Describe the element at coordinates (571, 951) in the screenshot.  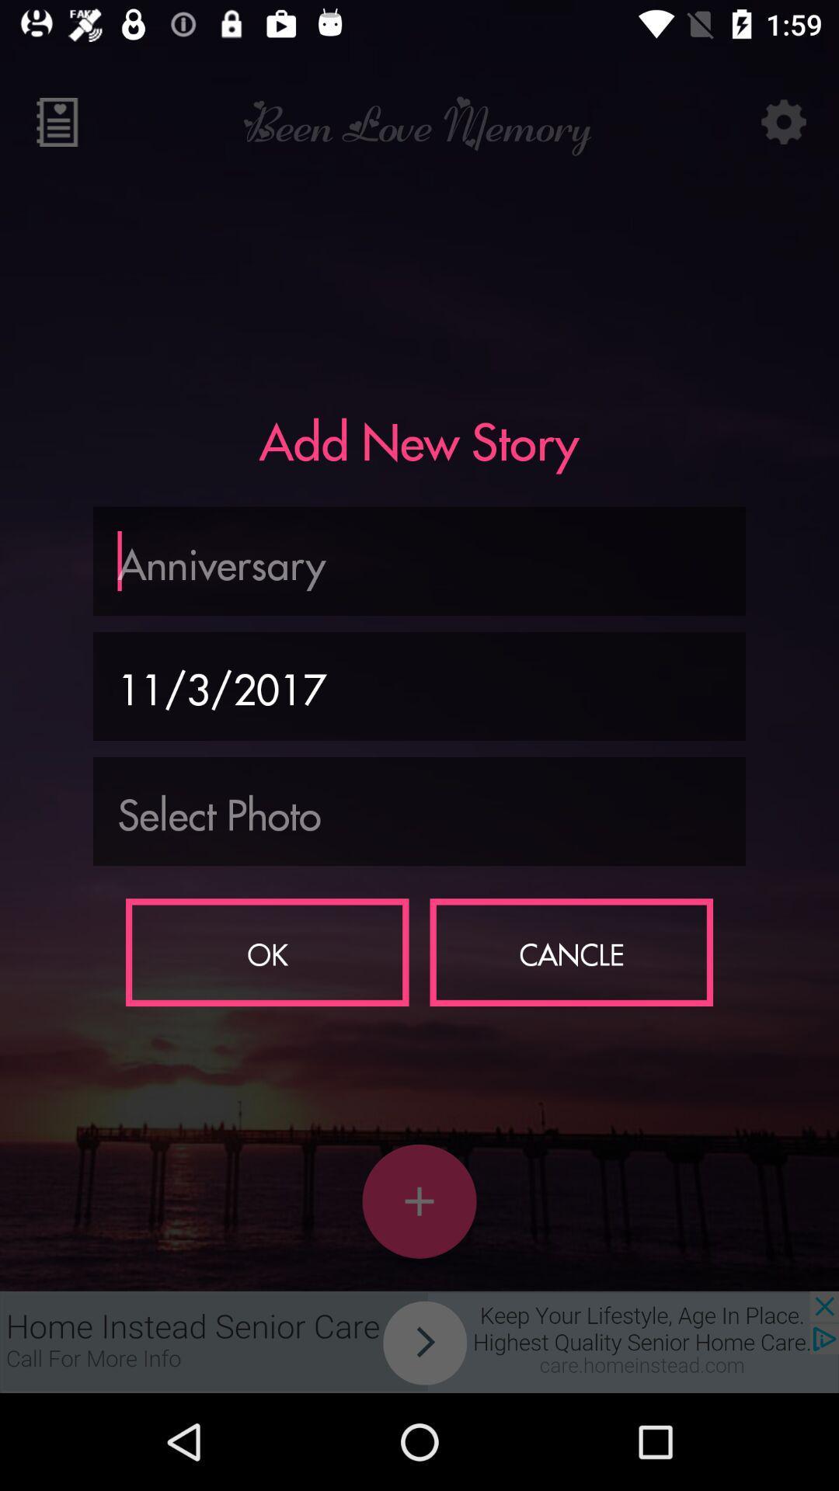
I see `item to the right of the ok icon` at that location.